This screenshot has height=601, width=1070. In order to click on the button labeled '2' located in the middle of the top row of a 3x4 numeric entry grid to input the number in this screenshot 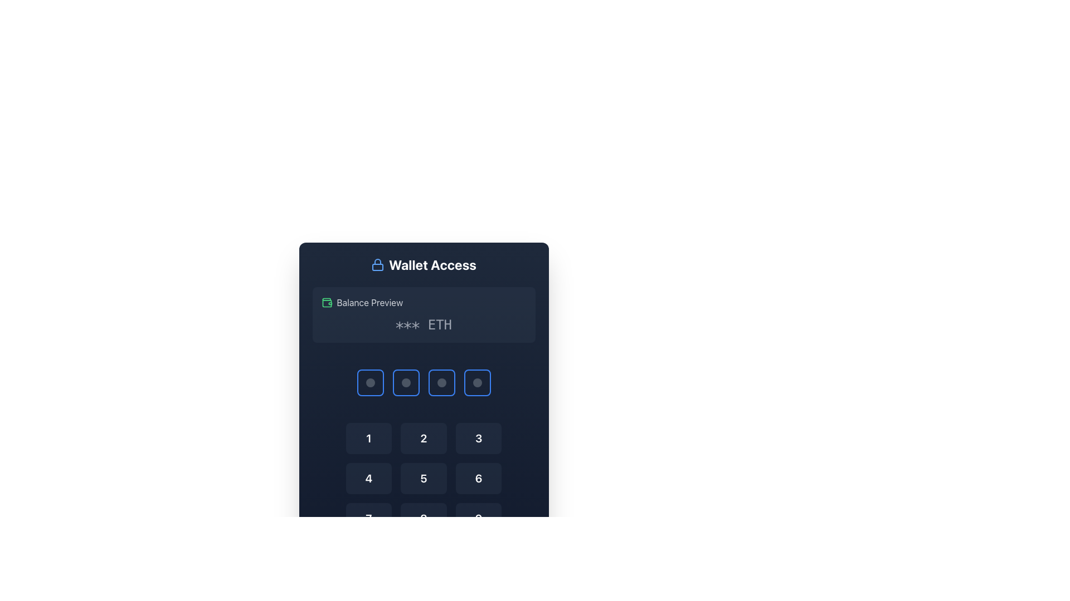, I will do `click(423, 437)`.